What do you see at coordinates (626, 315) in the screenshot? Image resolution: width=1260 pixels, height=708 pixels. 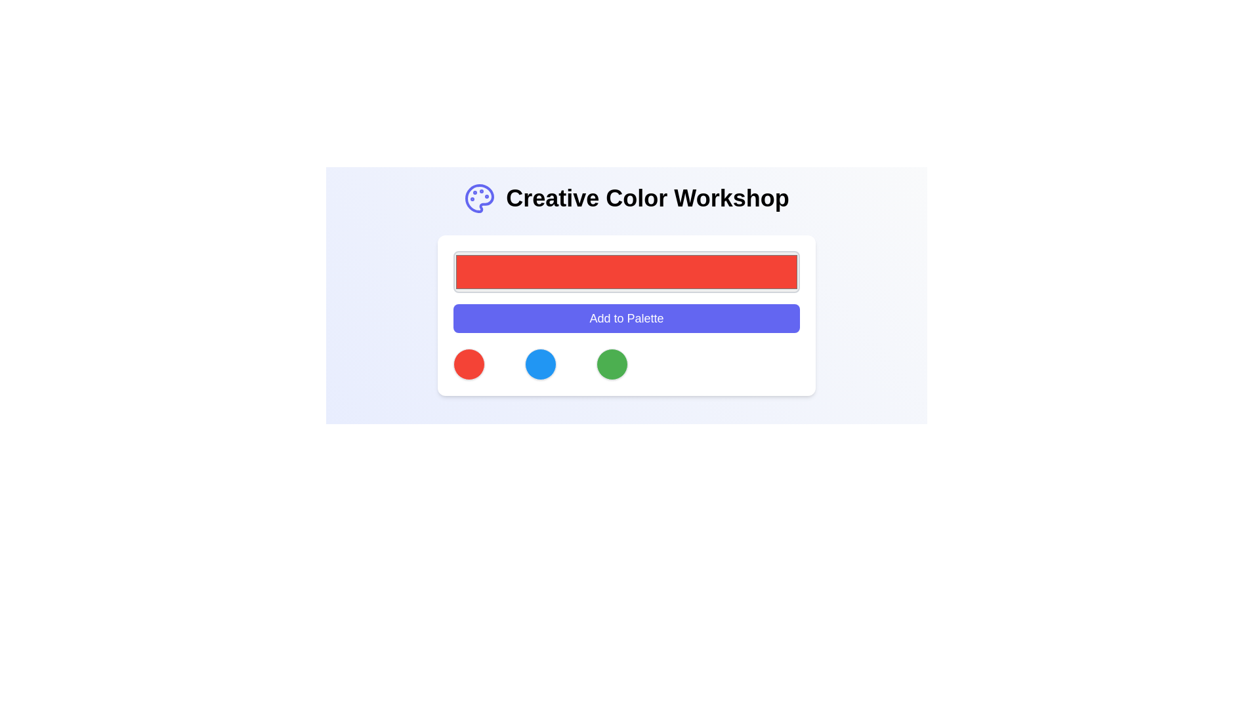 I see `the 'Add to Palette' button in the interactive color palette tool located beneath the 'Creative Color Workshop' header` at bounding box center [626, 315].